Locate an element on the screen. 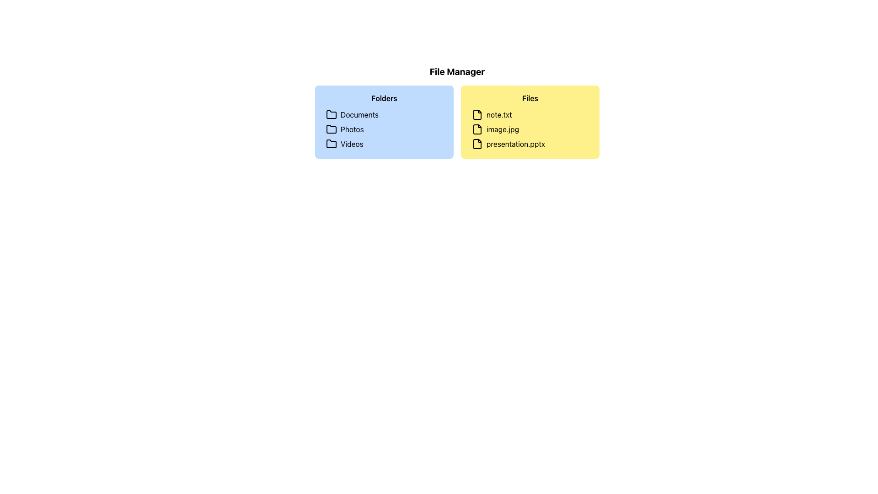 The width and height of the screenshot is (878, 494). the 'Videos' list item, which is the third entry under the 'Folders' section, to trigger a visual highlight is located at coordinates (384, 144).